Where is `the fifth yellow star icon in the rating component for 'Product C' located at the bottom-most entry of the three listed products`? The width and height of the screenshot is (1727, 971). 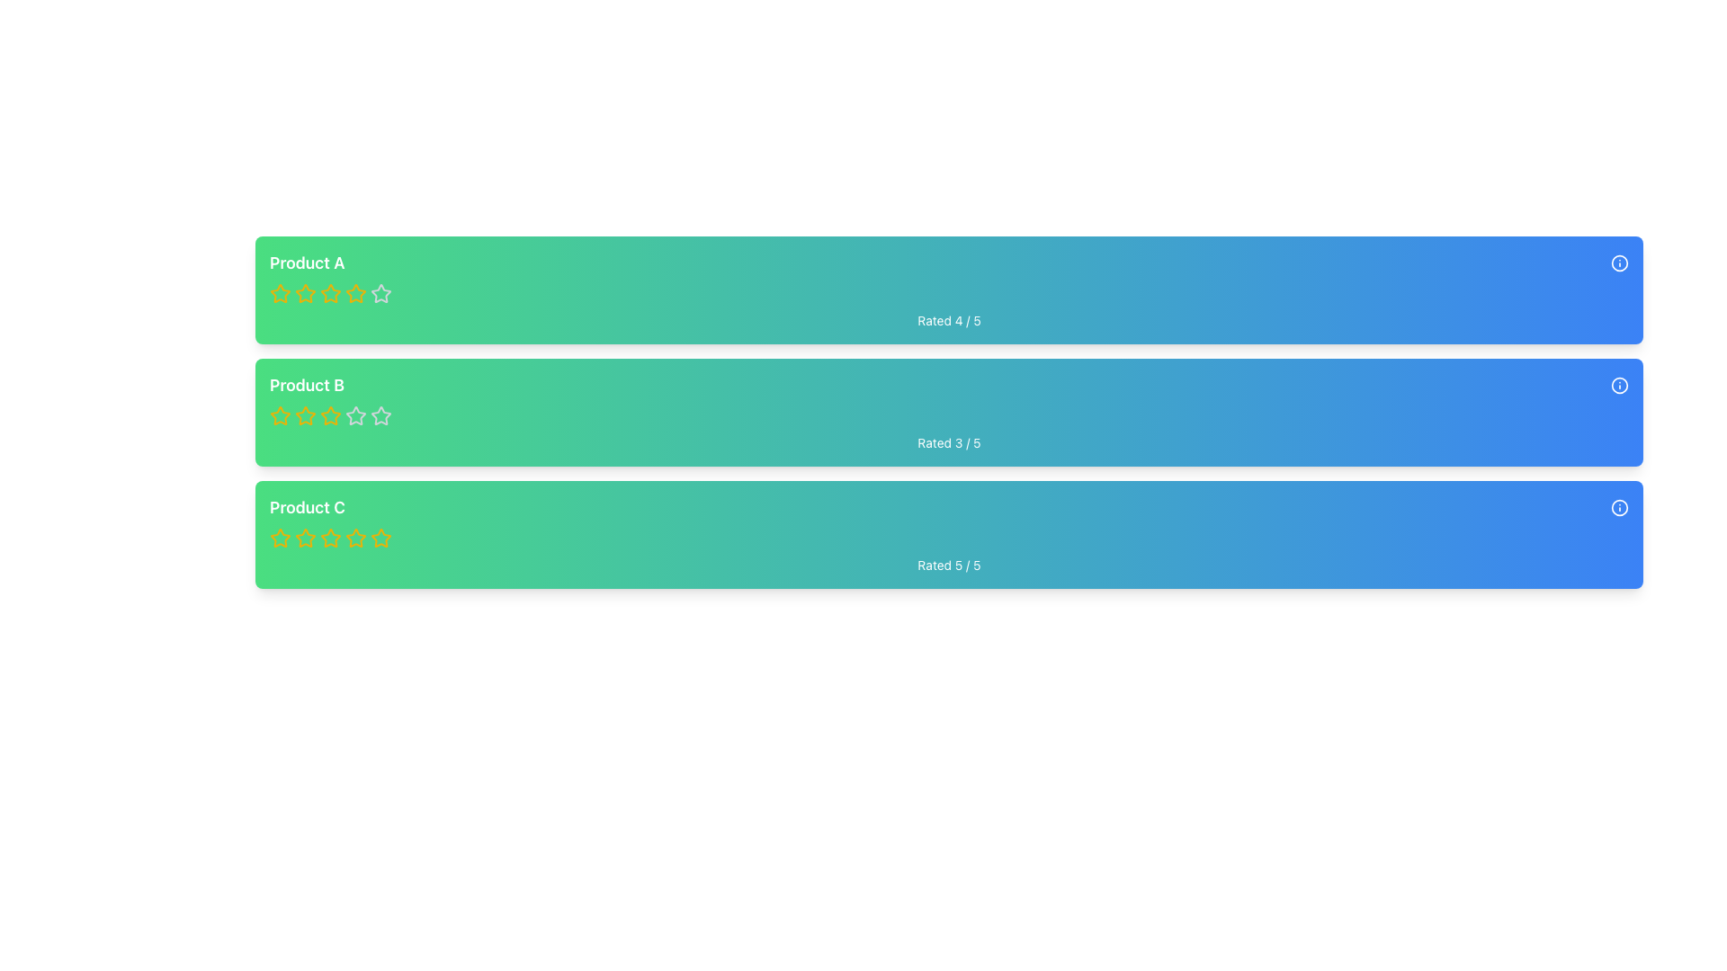 the fifth yellow star icon in the rating component for 'Product C' located at the bottom-most entry of the three listed products is located at coordinates (380, 537).